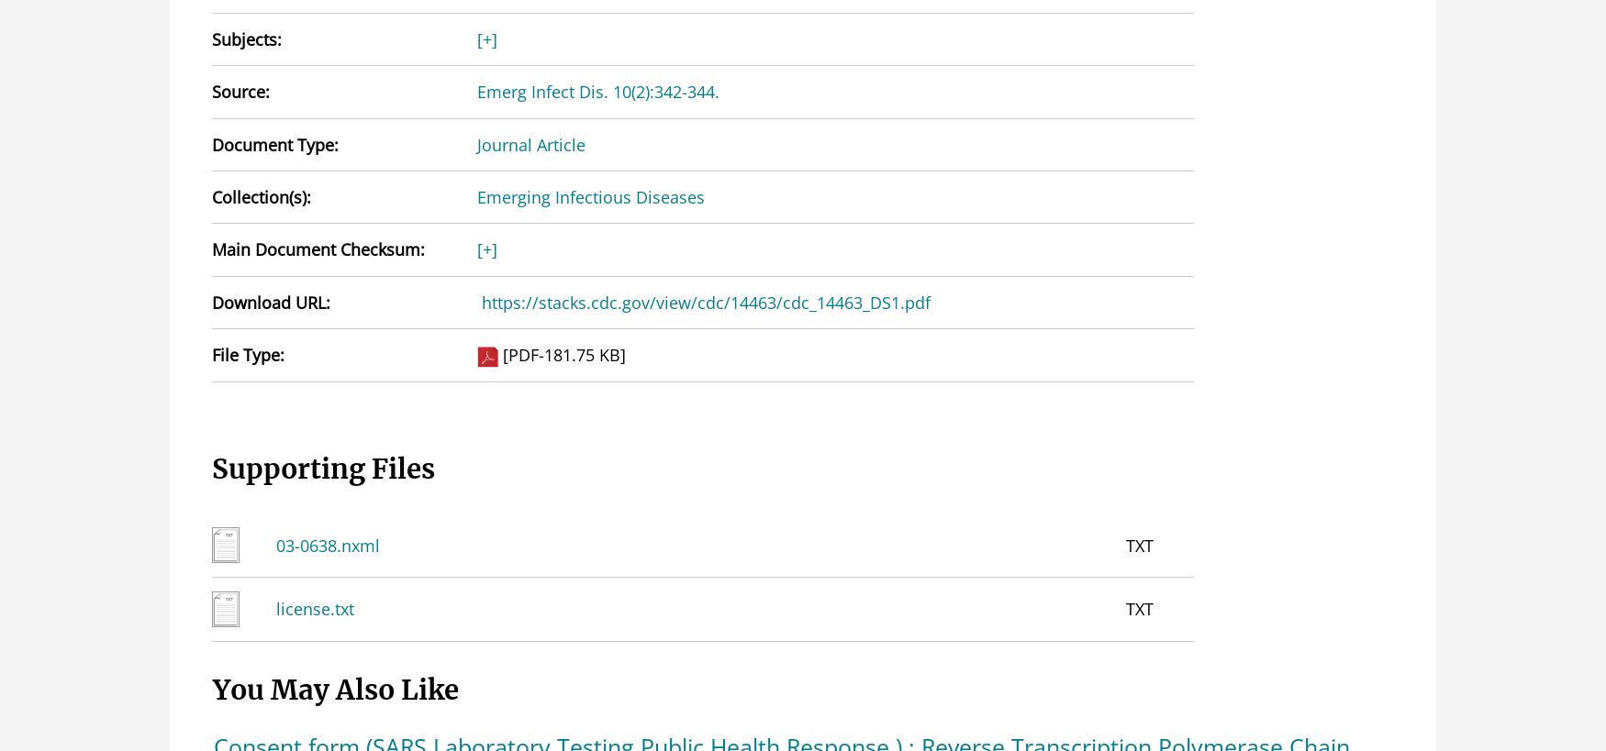 Image resolution: width=1606 pixels, height=751 pixels. I want to click on 'Journal Article', so click(530, 143).